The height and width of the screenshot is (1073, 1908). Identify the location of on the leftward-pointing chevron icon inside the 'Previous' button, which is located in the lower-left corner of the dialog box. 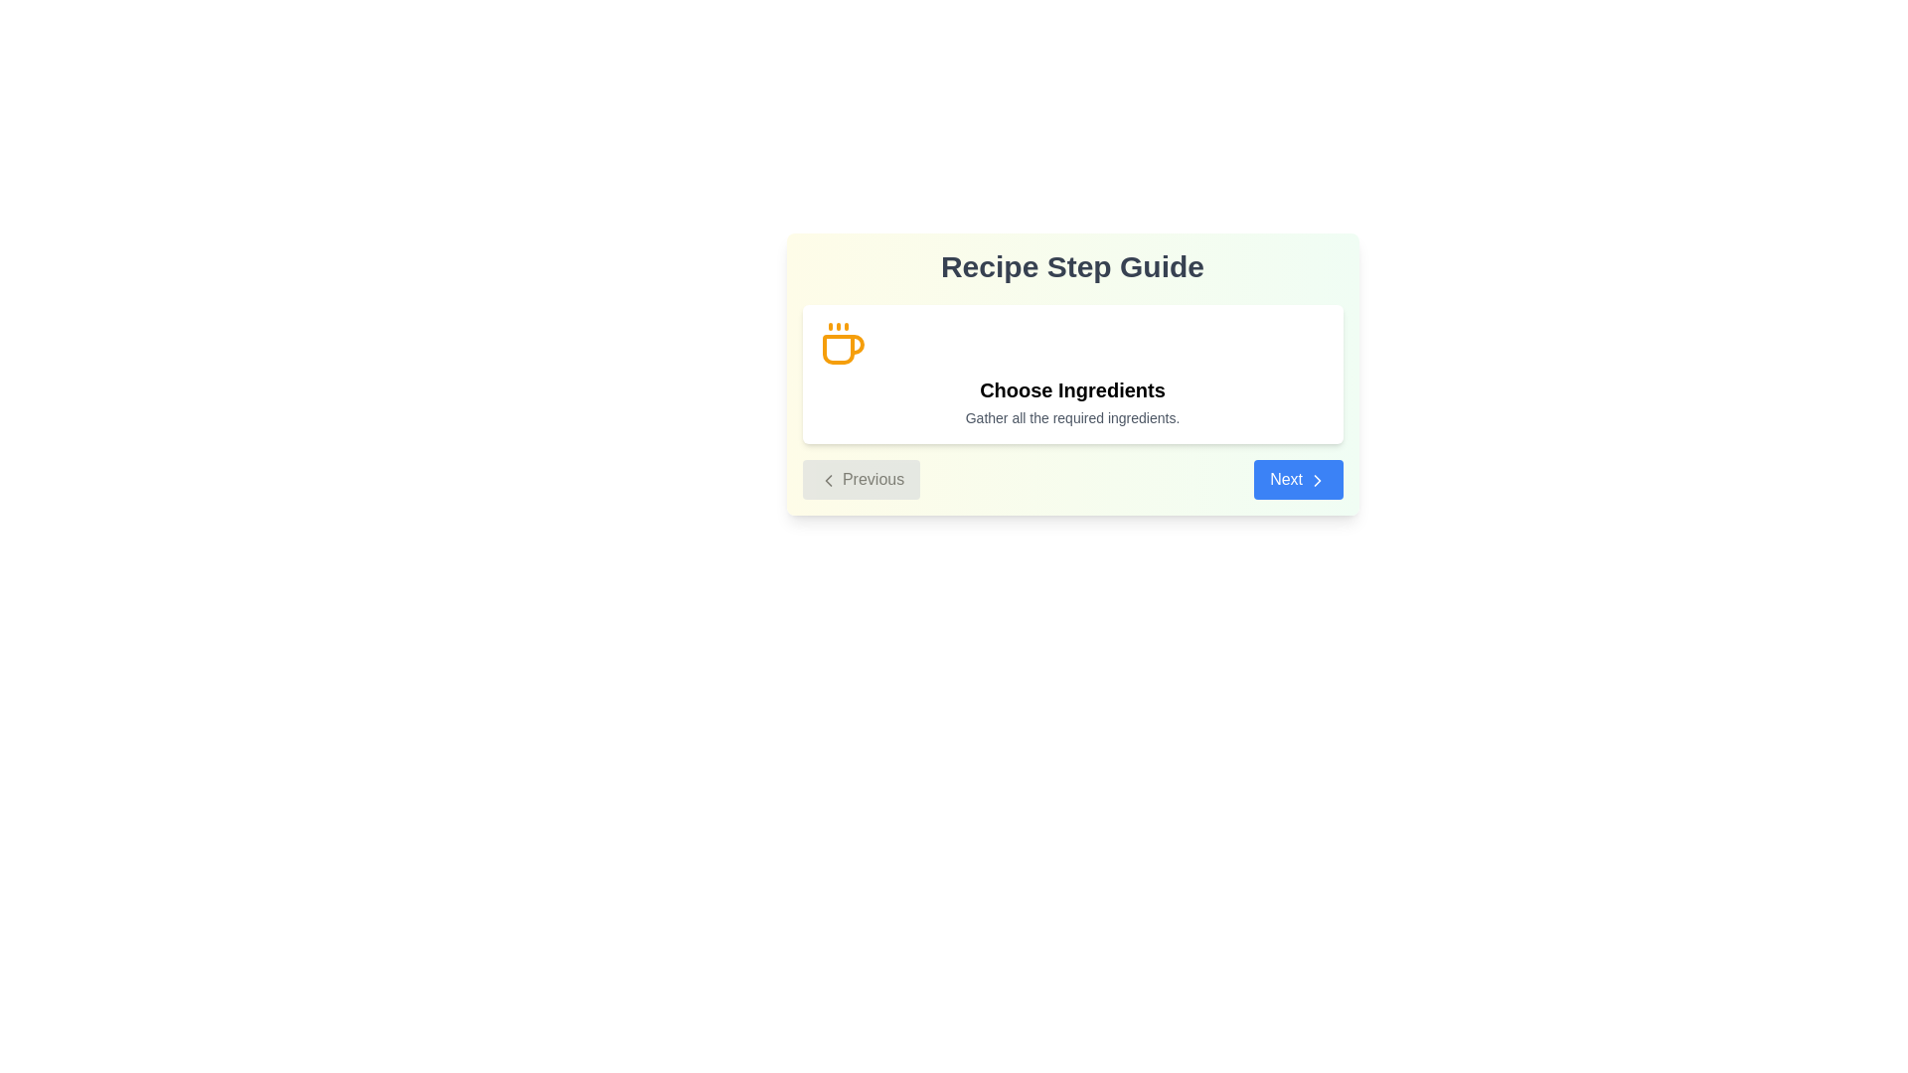
(828, 480).